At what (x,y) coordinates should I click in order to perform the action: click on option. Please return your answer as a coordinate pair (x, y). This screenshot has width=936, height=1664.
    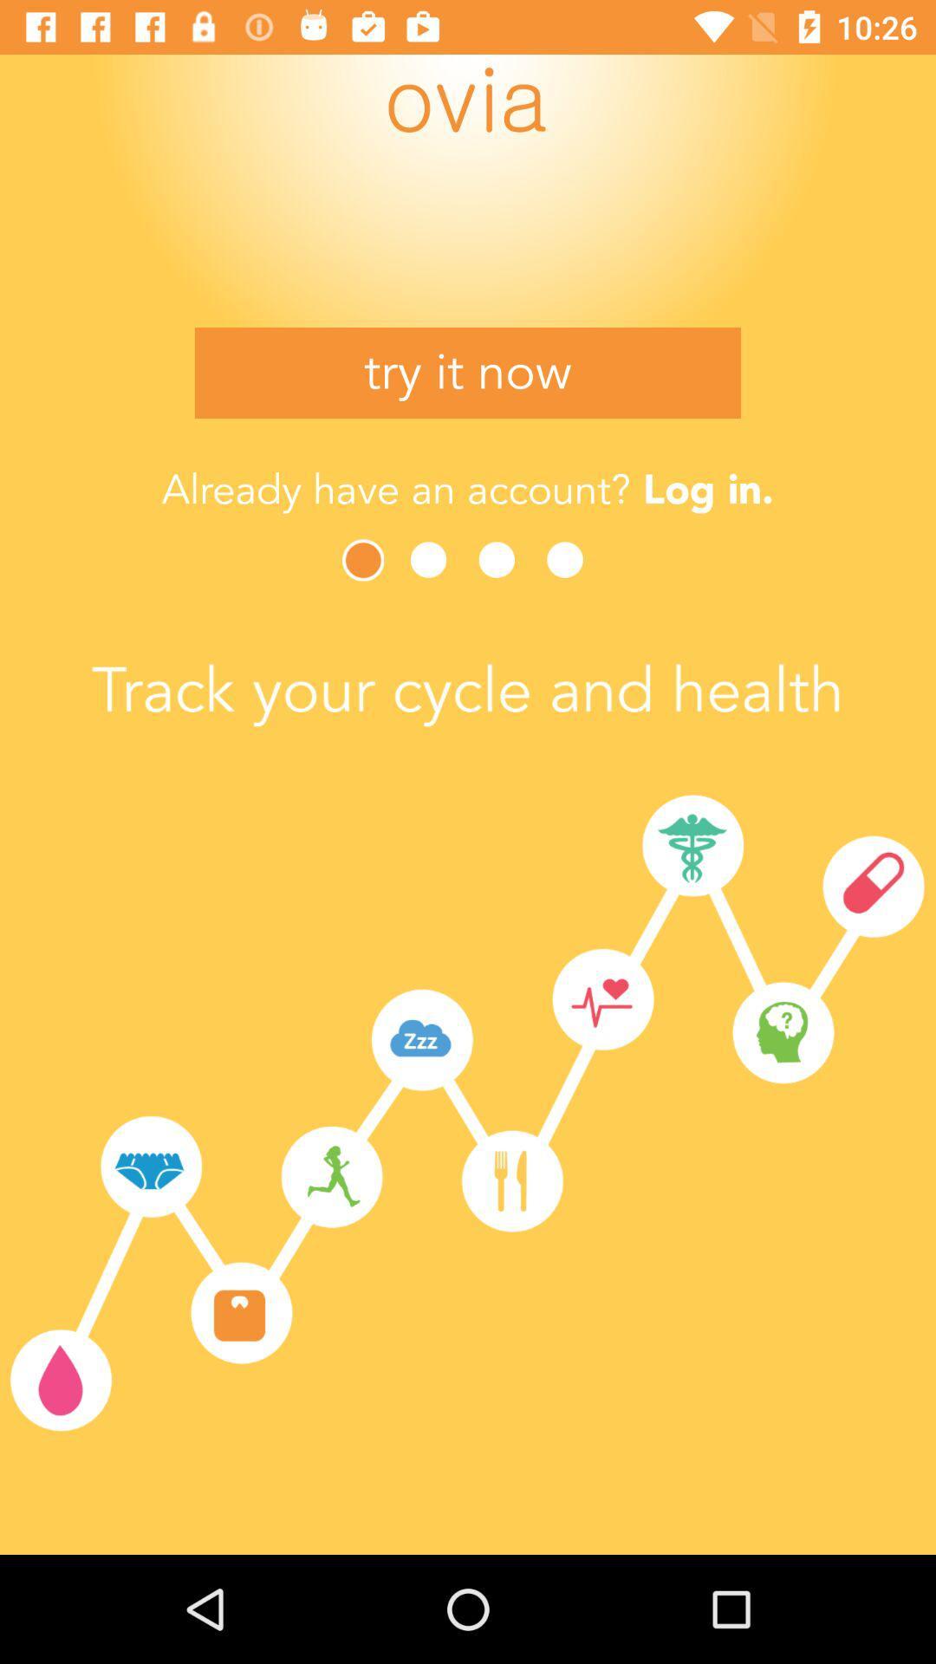
    Looking at the image, I should click on (432, 560).